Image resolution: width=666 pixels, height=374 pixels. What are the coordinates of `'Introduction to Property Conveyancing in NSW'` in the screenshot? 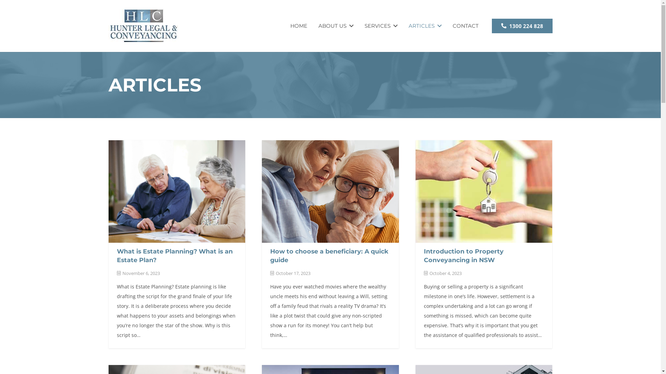 It's located at (464, 255).